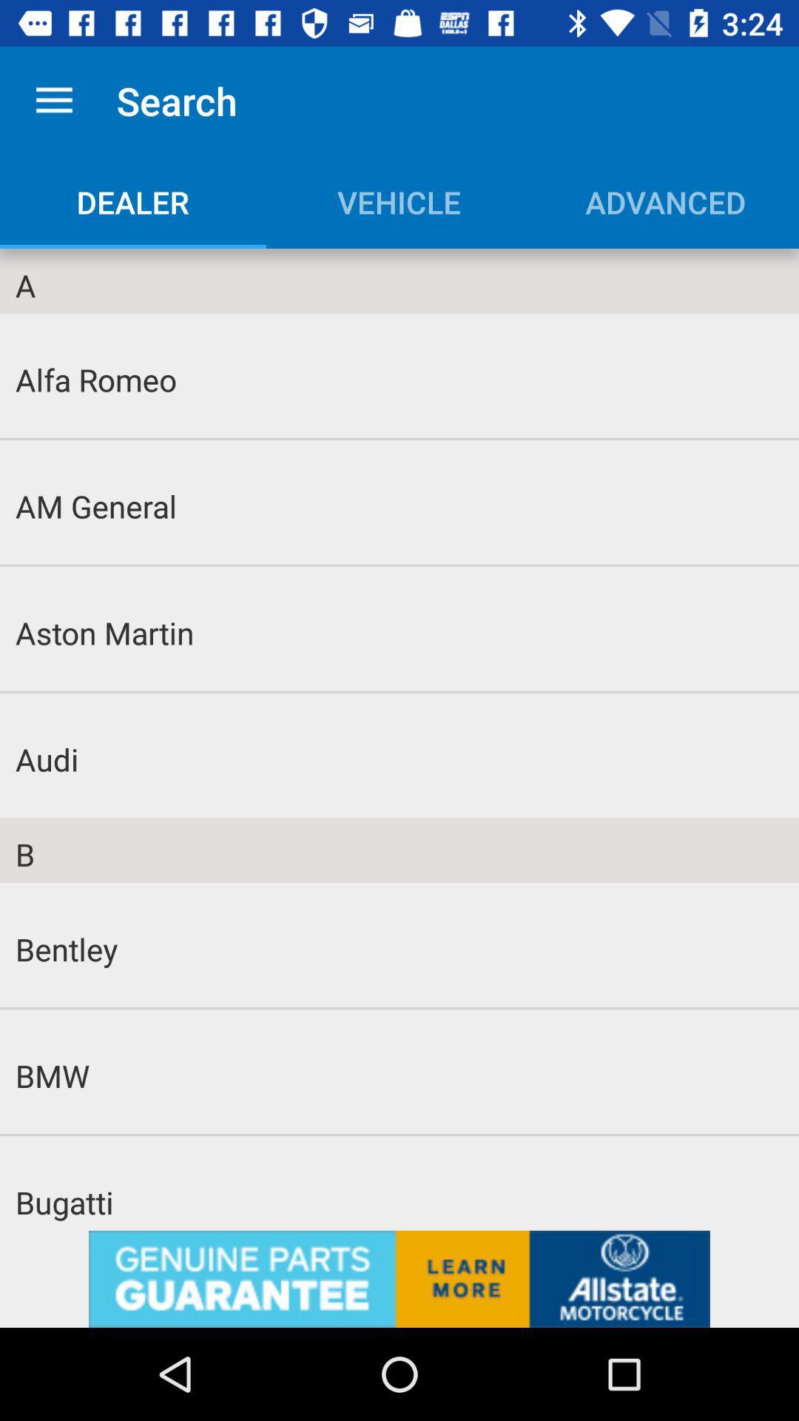 This screenshot has height=1421, width=799. Describe the element at coordinates (399, 1278) in the screenshot. I see `advertisement` at that location.